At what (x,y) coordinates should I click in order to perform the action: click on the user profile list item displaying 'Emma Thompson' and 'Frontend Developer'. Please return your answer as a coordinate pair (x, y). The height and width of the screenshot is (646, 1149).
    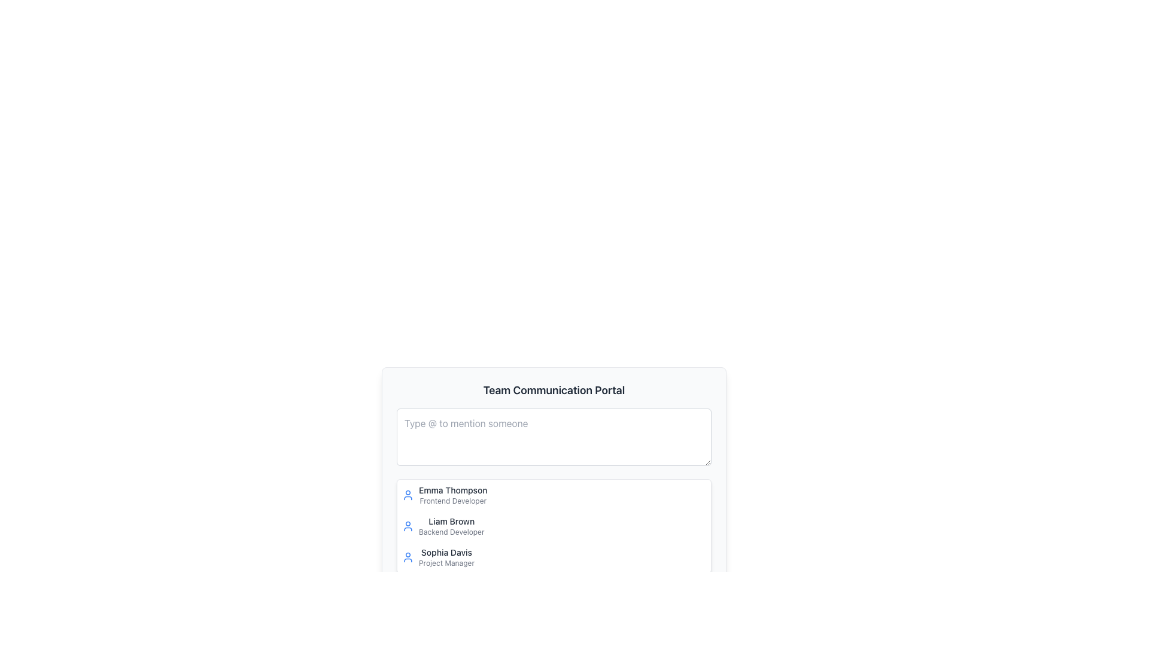
    Looking at the image, I should click on (452, 495).